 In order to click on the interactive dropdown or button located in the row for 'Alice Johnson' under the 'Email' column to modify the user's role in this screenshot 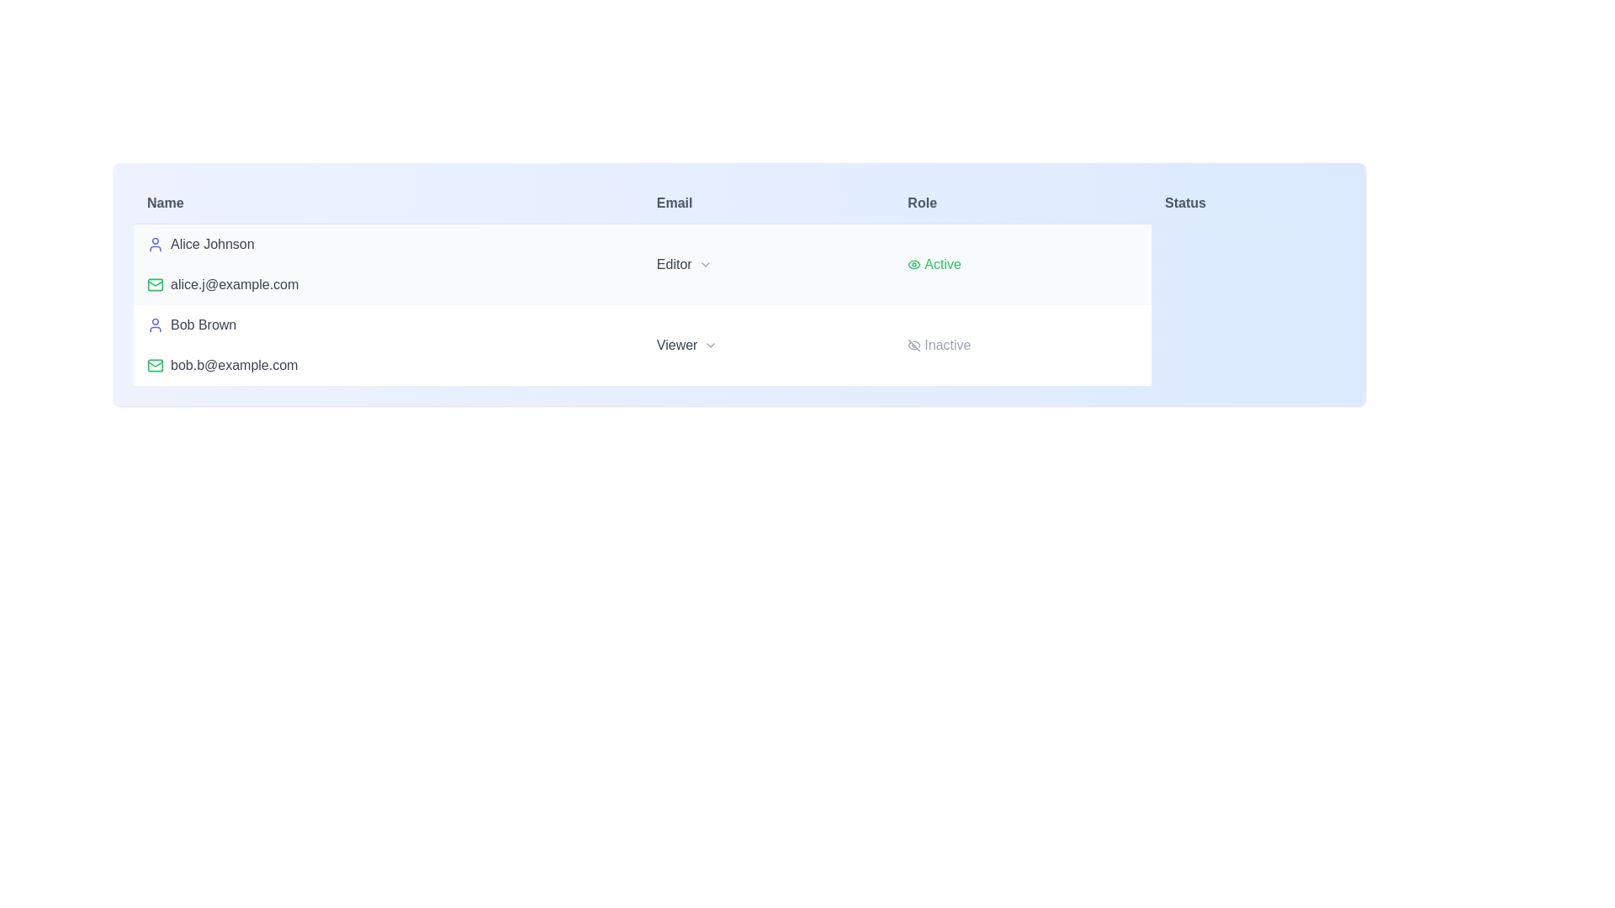, I will do `click(767, 263)`.